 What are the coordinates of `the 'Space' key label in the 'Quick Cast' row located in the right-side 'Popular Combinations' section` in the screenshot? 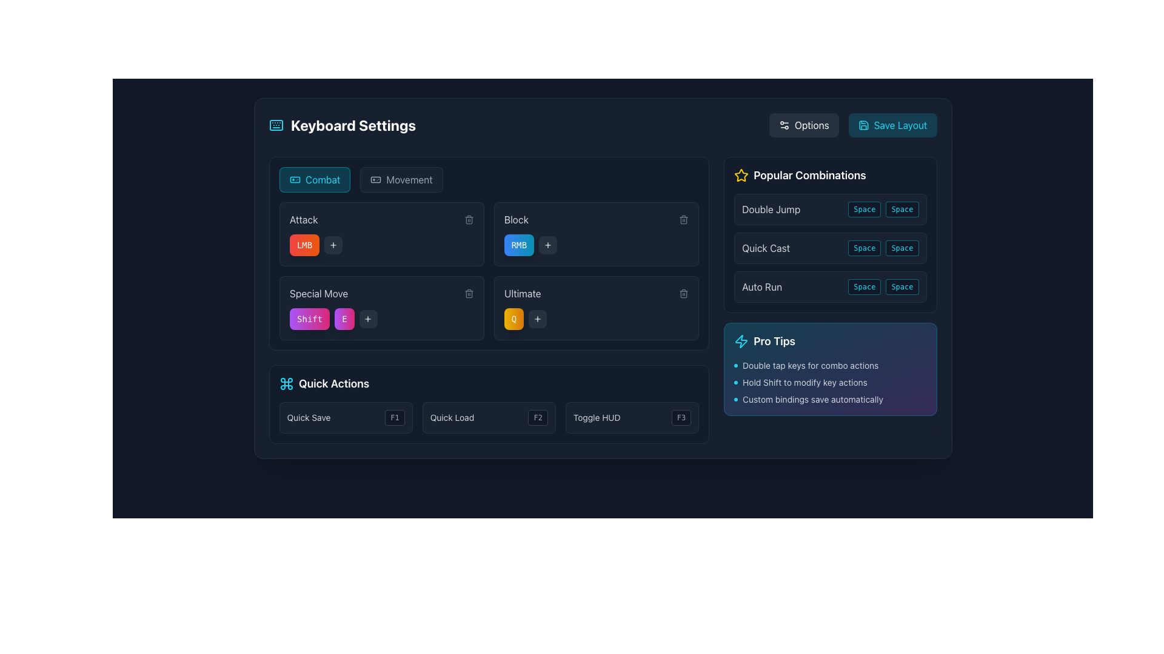 It's located at (864, 247).